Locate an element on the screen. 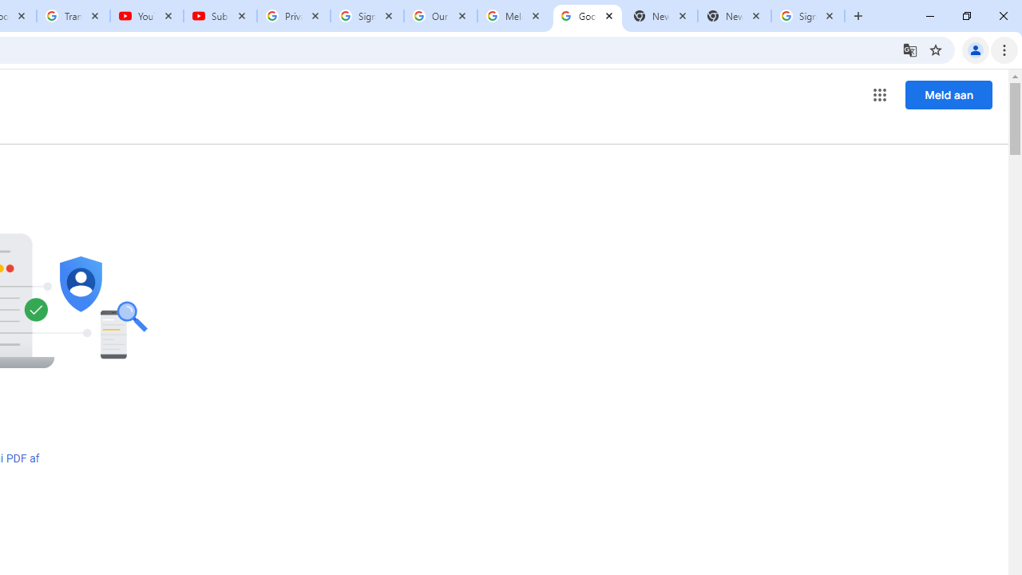 This screenshot has height=575, width=1022. 'YouTube' is located at coordinates (147, 16).